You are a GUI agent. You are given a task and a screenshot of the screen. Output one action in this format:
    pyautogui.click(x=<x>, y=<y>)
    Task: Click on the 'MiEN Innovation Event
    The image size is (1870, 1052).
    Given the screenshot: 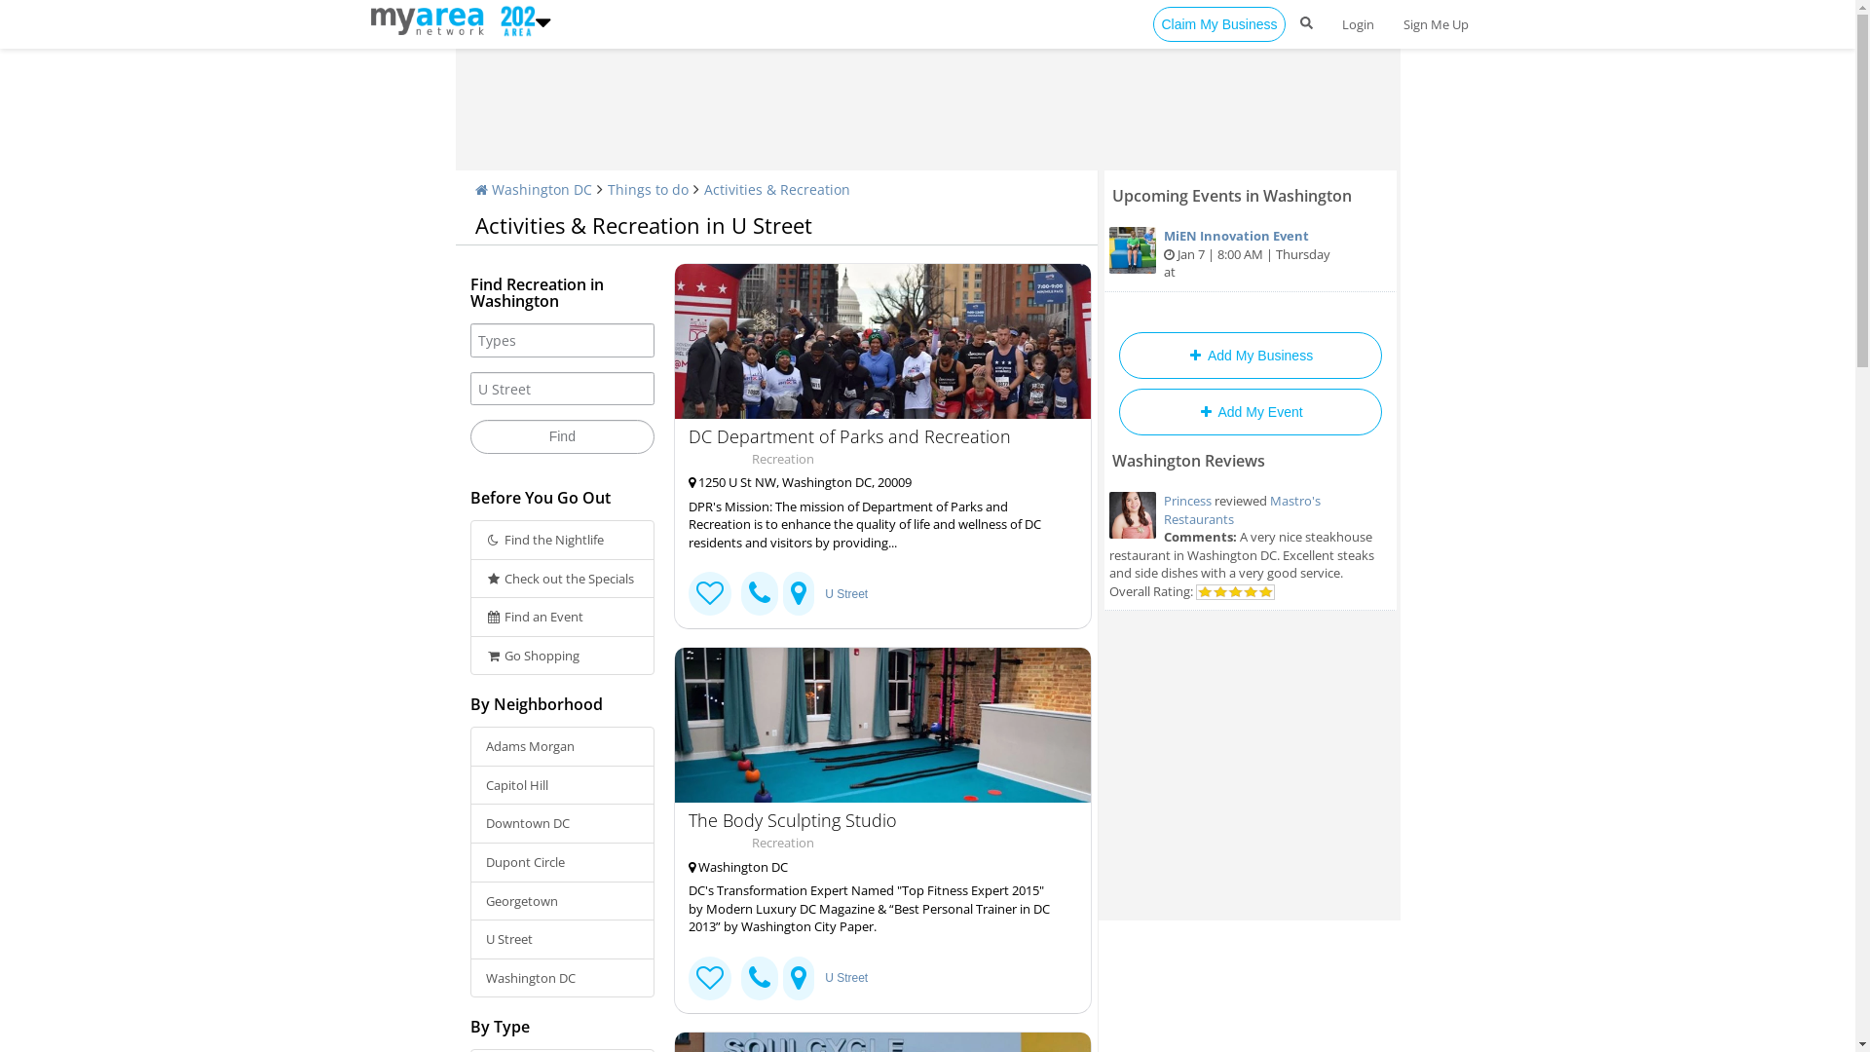 What is the action you would take?
    pyautogui.click(x=1250, y=253)
    